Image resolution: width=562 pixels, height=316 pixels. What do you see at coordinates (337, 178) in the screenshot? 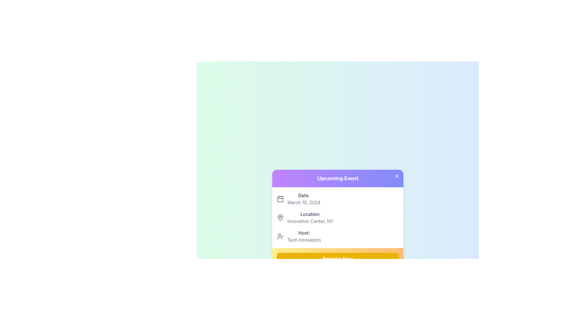
I see `text 'Upcoming Event' from the header element with a gradient background transitioning from purple to indigo` at bounding box center [337, 178].